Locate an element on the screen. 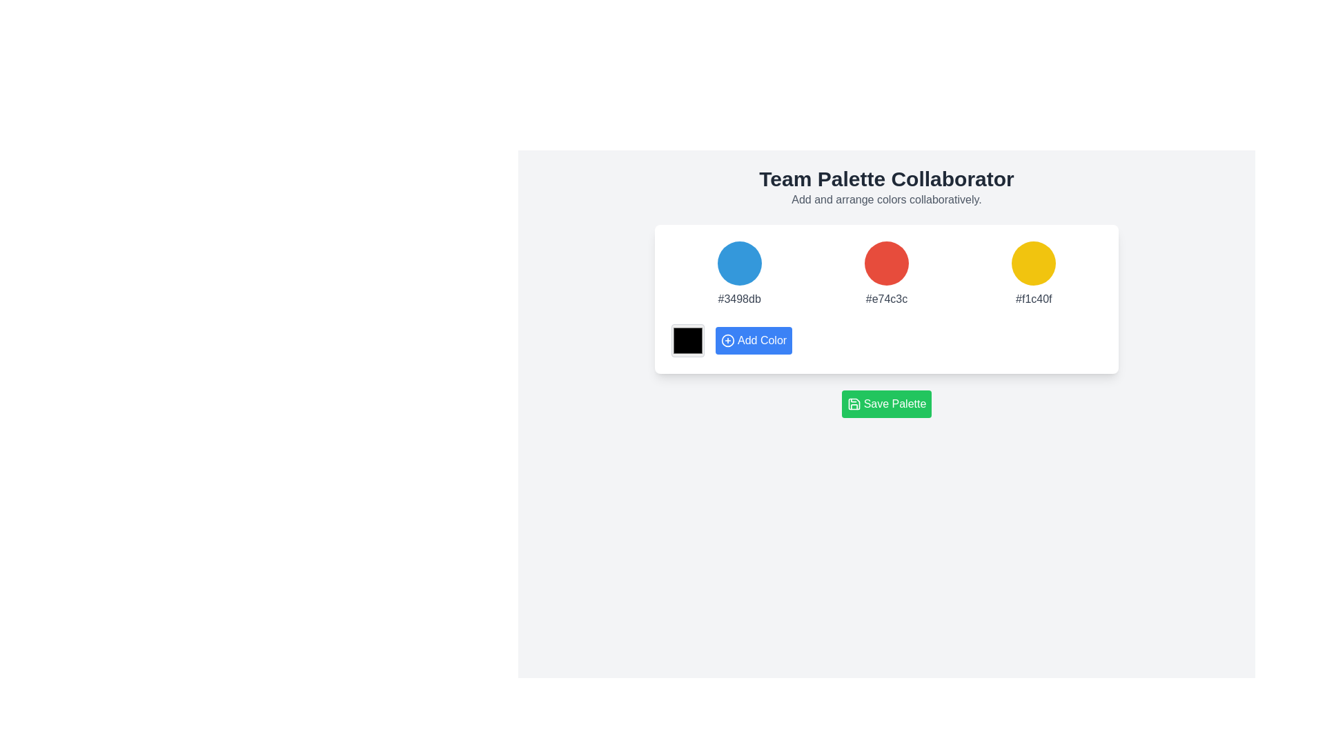 This screenshot has width=1325, height=745. the leftmost color selector item in the color palette for detailed operations is located at coordinates (738, 274).